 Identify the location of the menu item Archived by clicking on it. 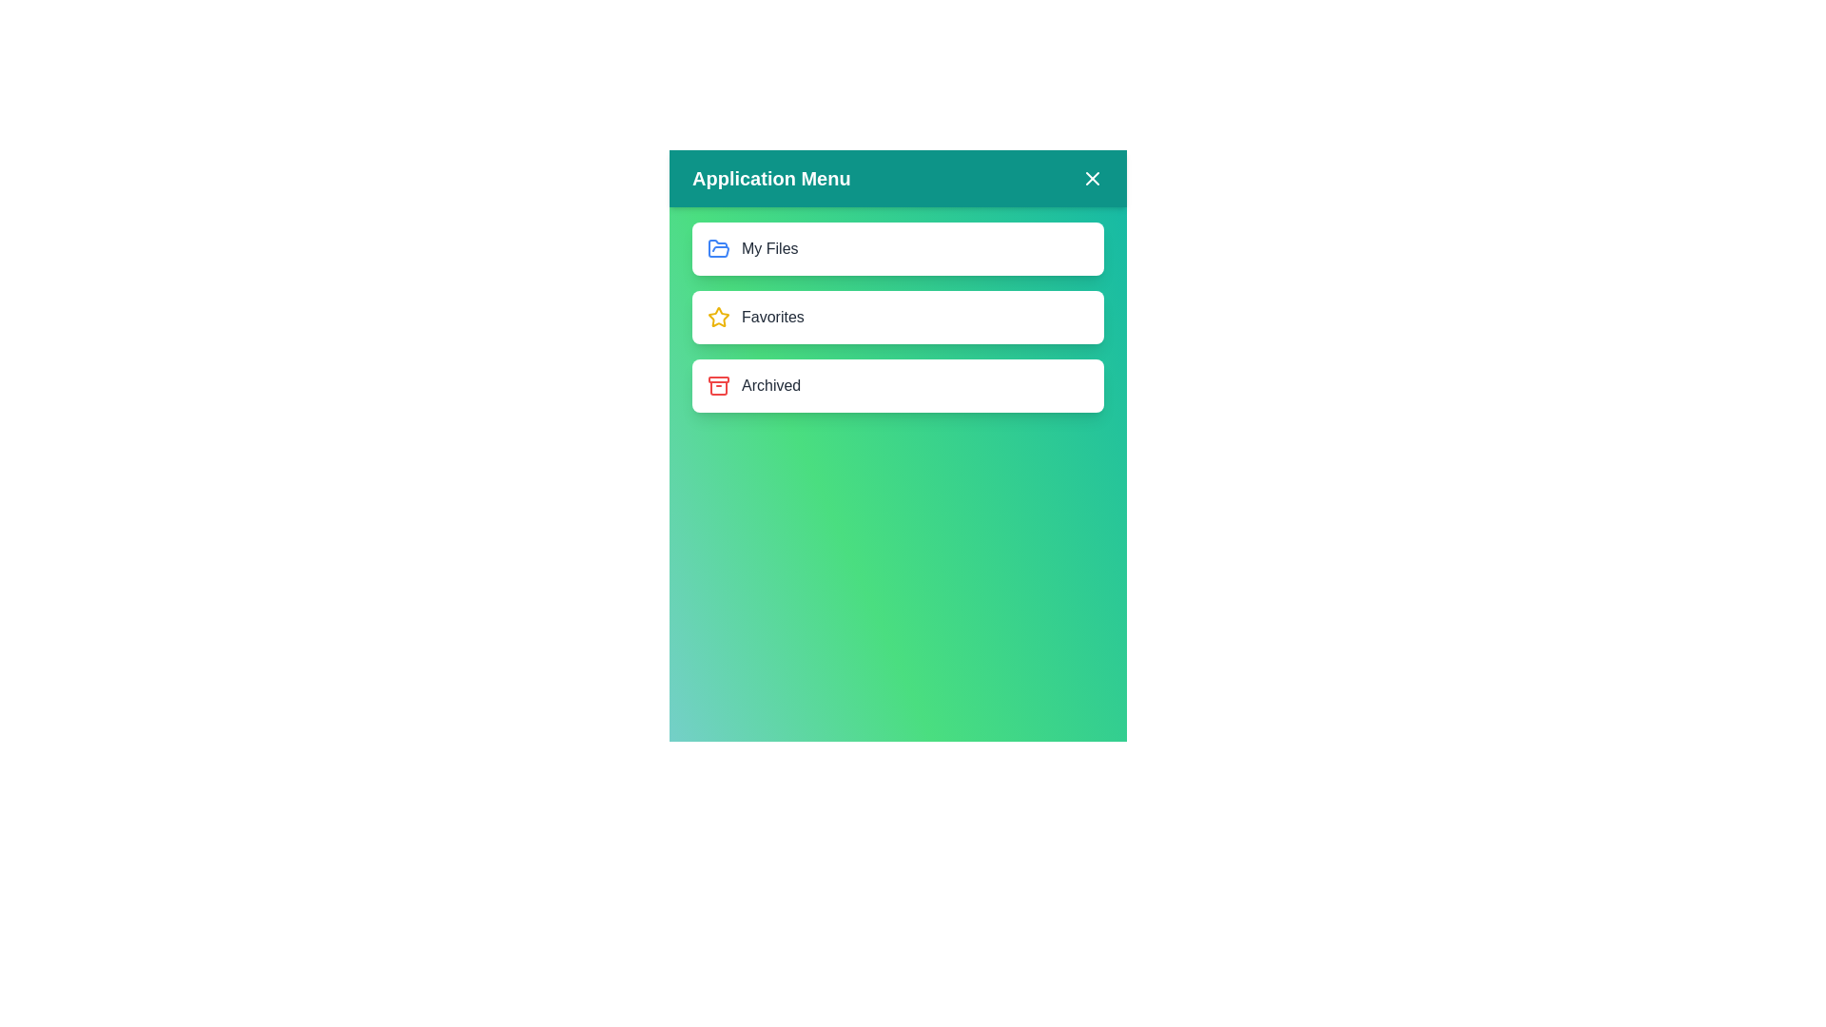
(897, 385).